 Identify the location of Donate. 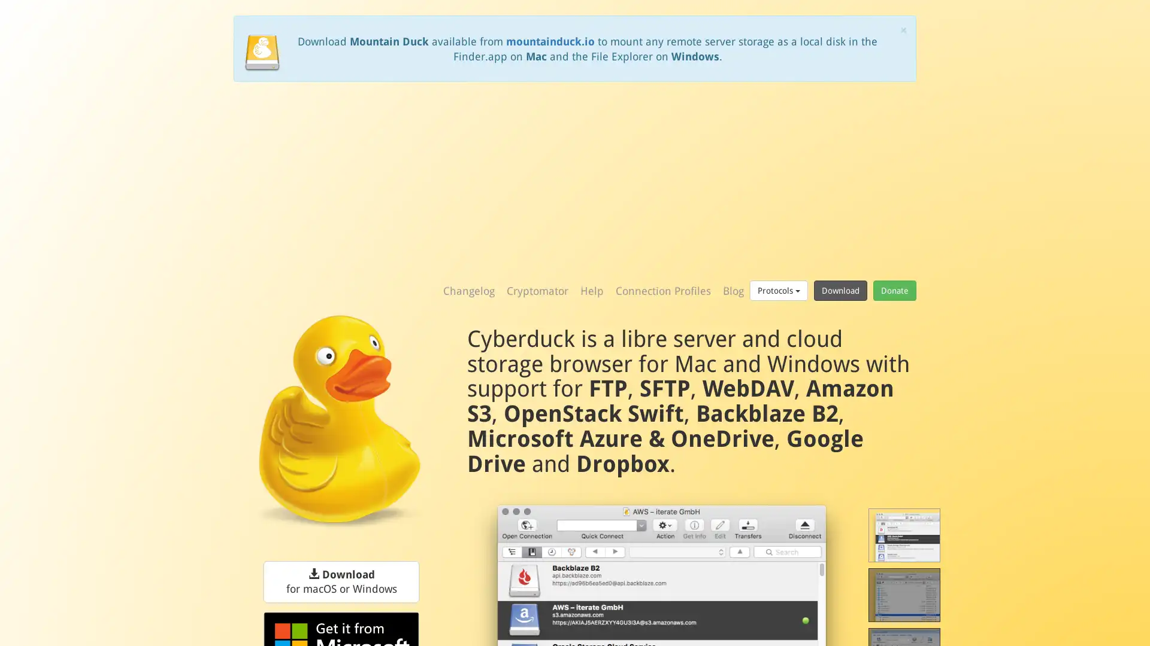
(894, 290).